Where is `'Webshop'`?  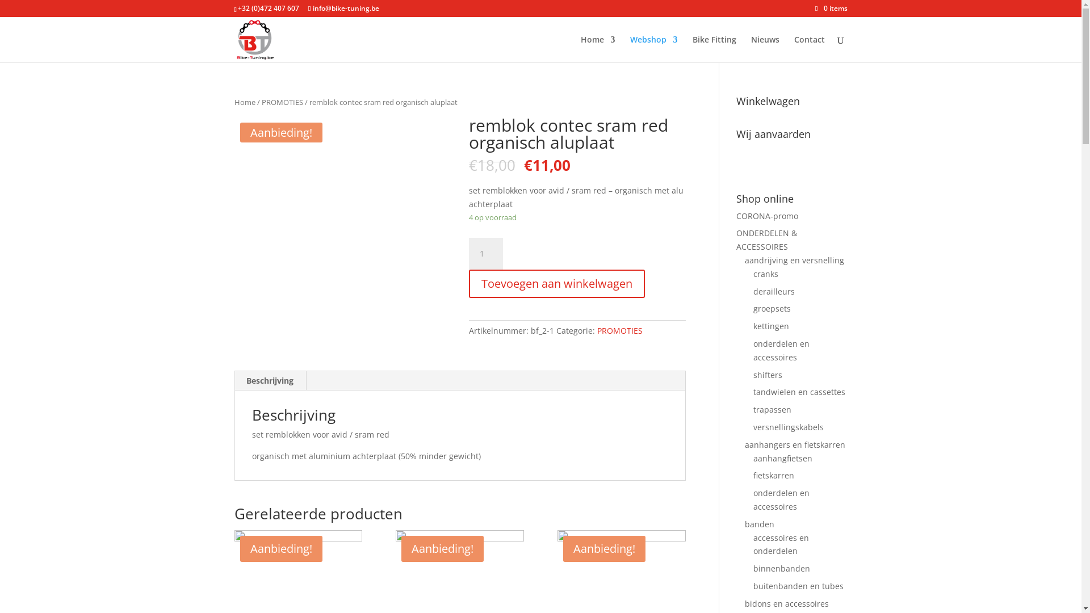 'Webshop' is located at coordinates (654, 48).